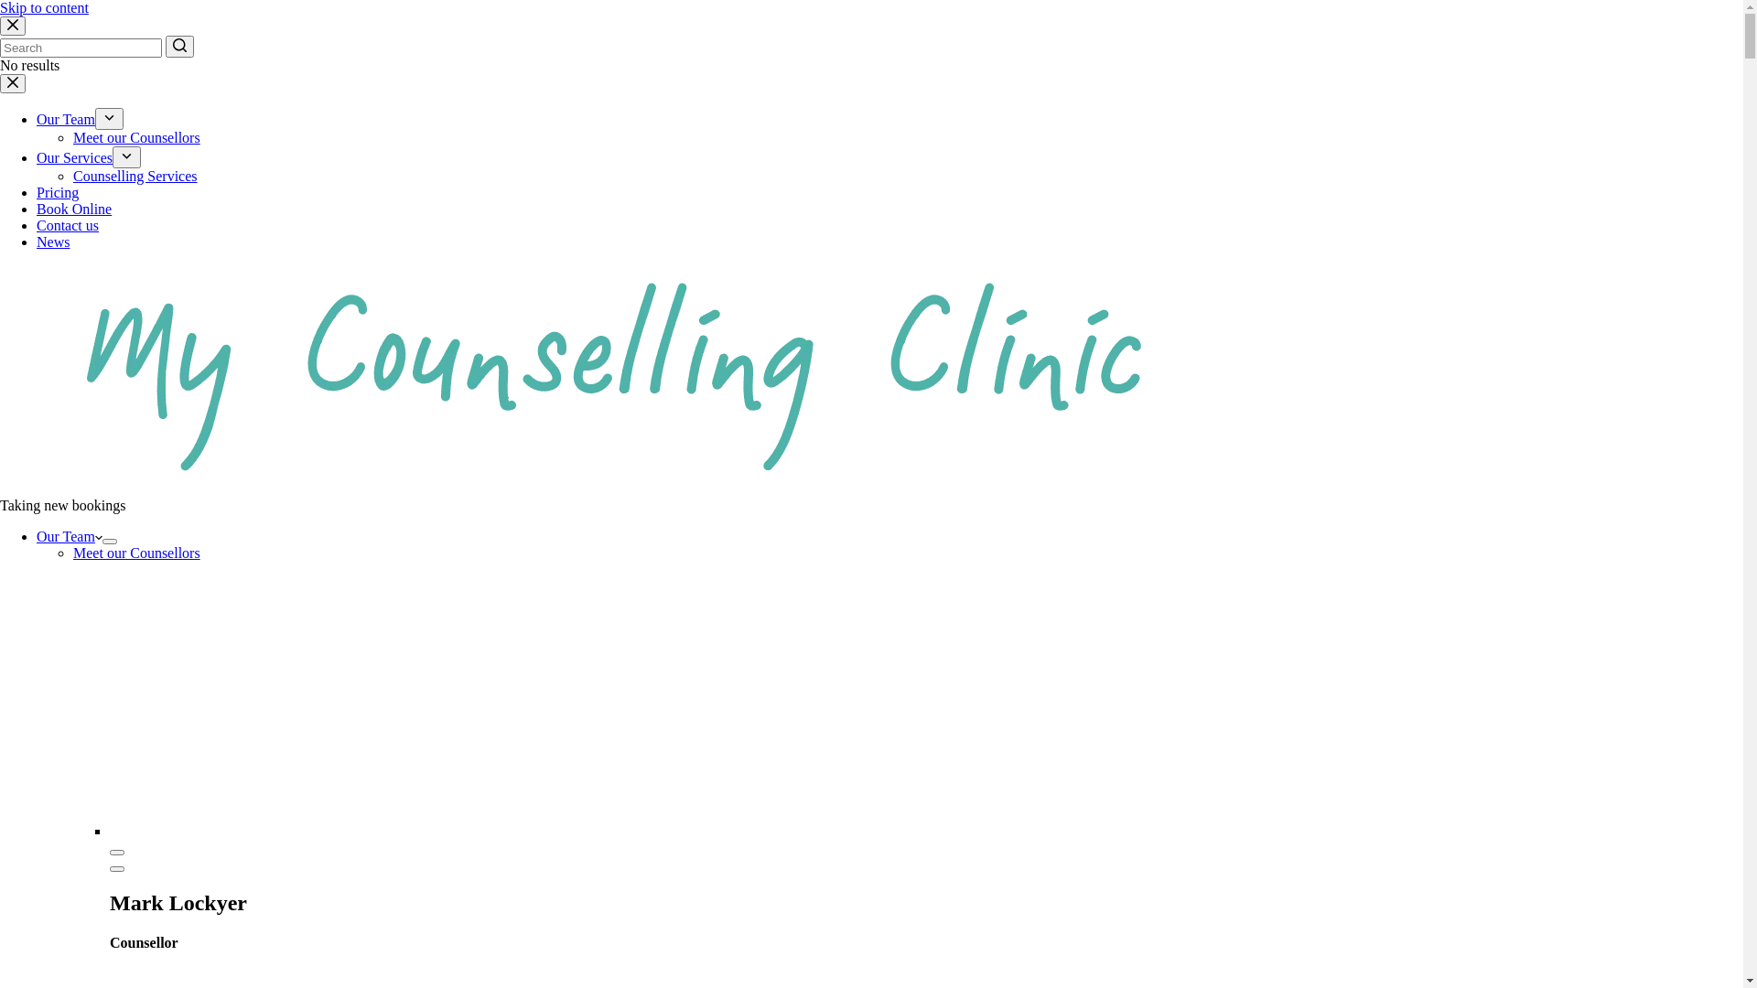 This screenshot has width=1757, height=988. I want to click on 'News', so click(52, 241).